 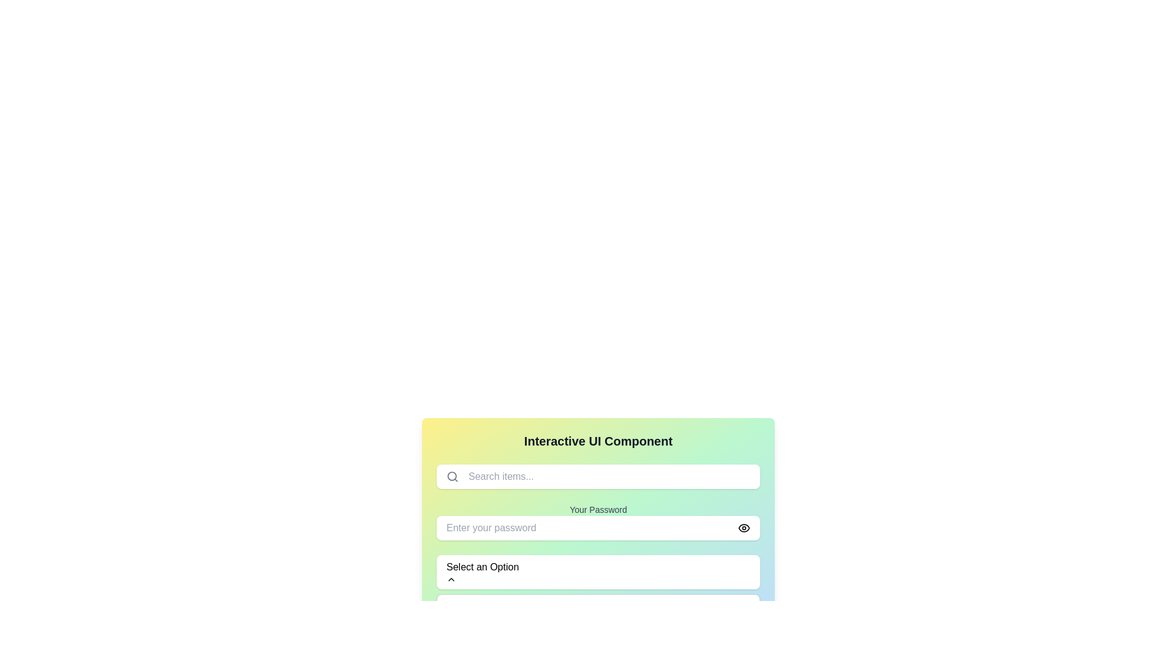 I want to click on the text label 'Your Password' which describes the purpose of the adjacent password input field located below the search bar and above the password input field, so click(x=598, y=510).